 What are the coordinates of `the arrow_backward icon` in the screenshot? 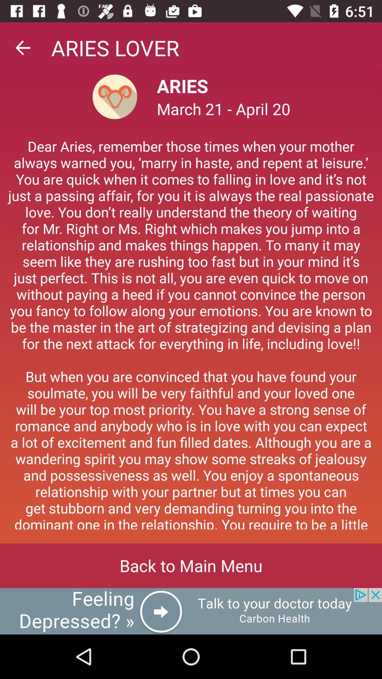 It's located at (22, 47).